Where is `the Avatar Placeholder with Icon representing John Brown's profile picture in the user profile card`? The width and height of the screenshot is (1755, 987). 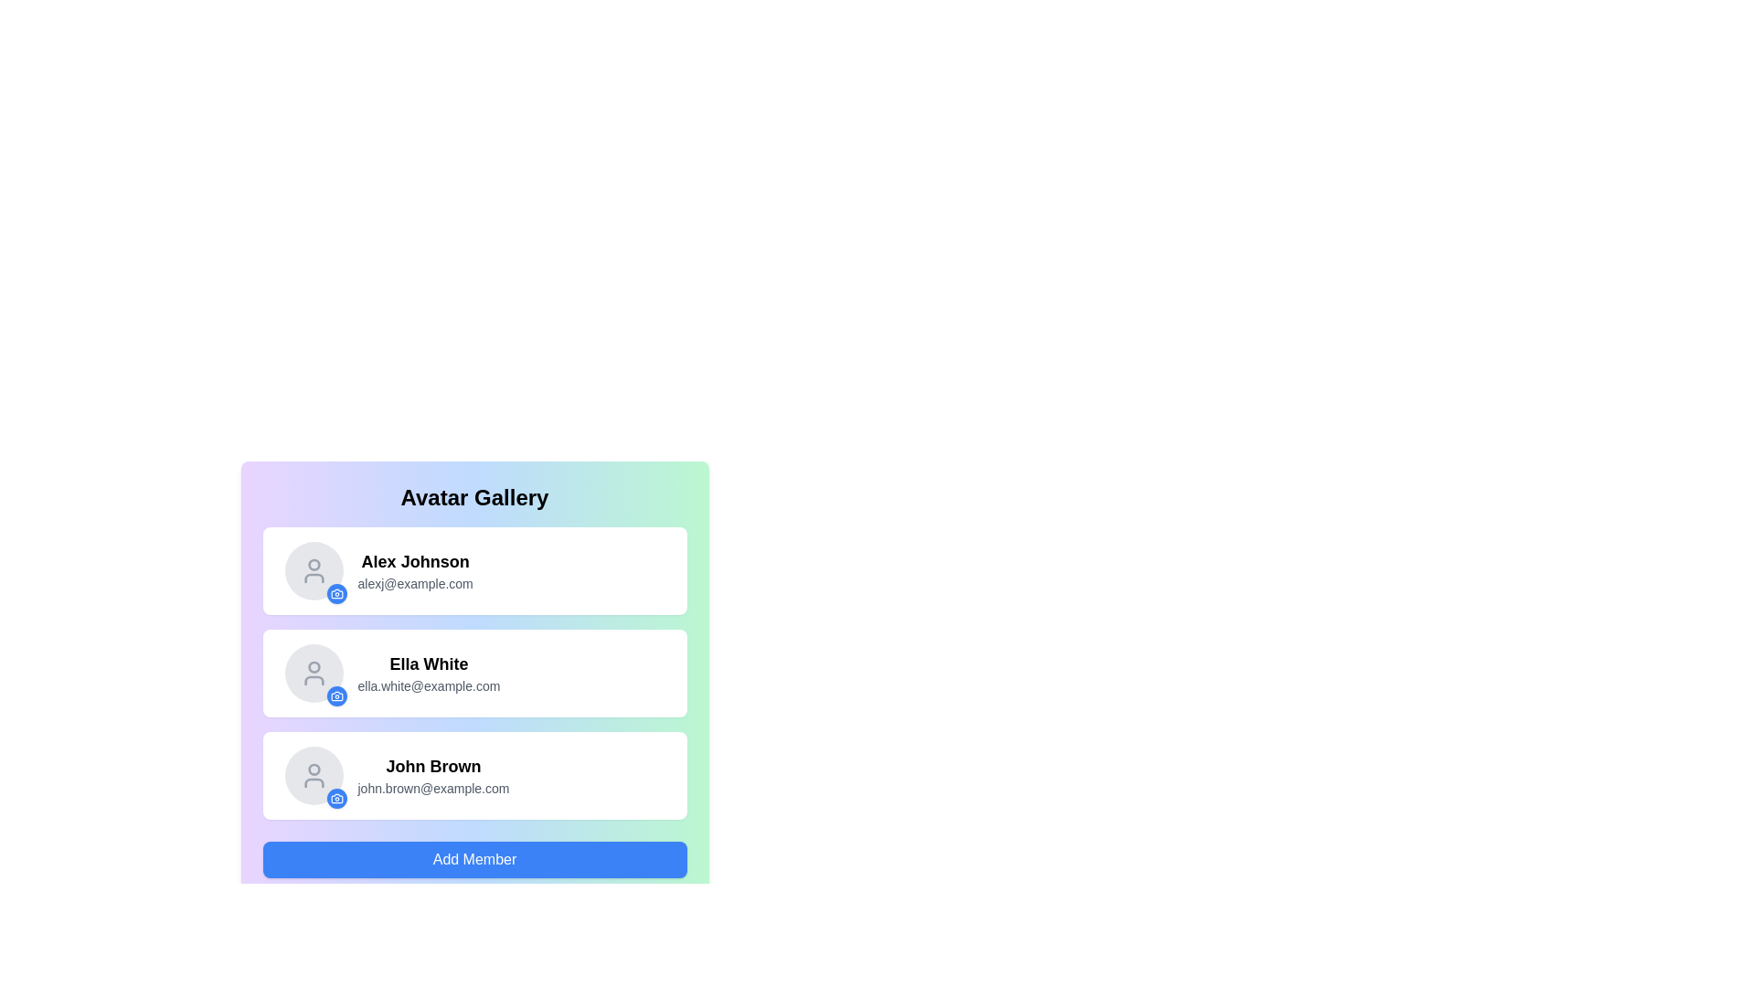 the Avatar Placeholder with Icon representing John Brown's profile picture in the user profile card is located at coordinates (314, 775).